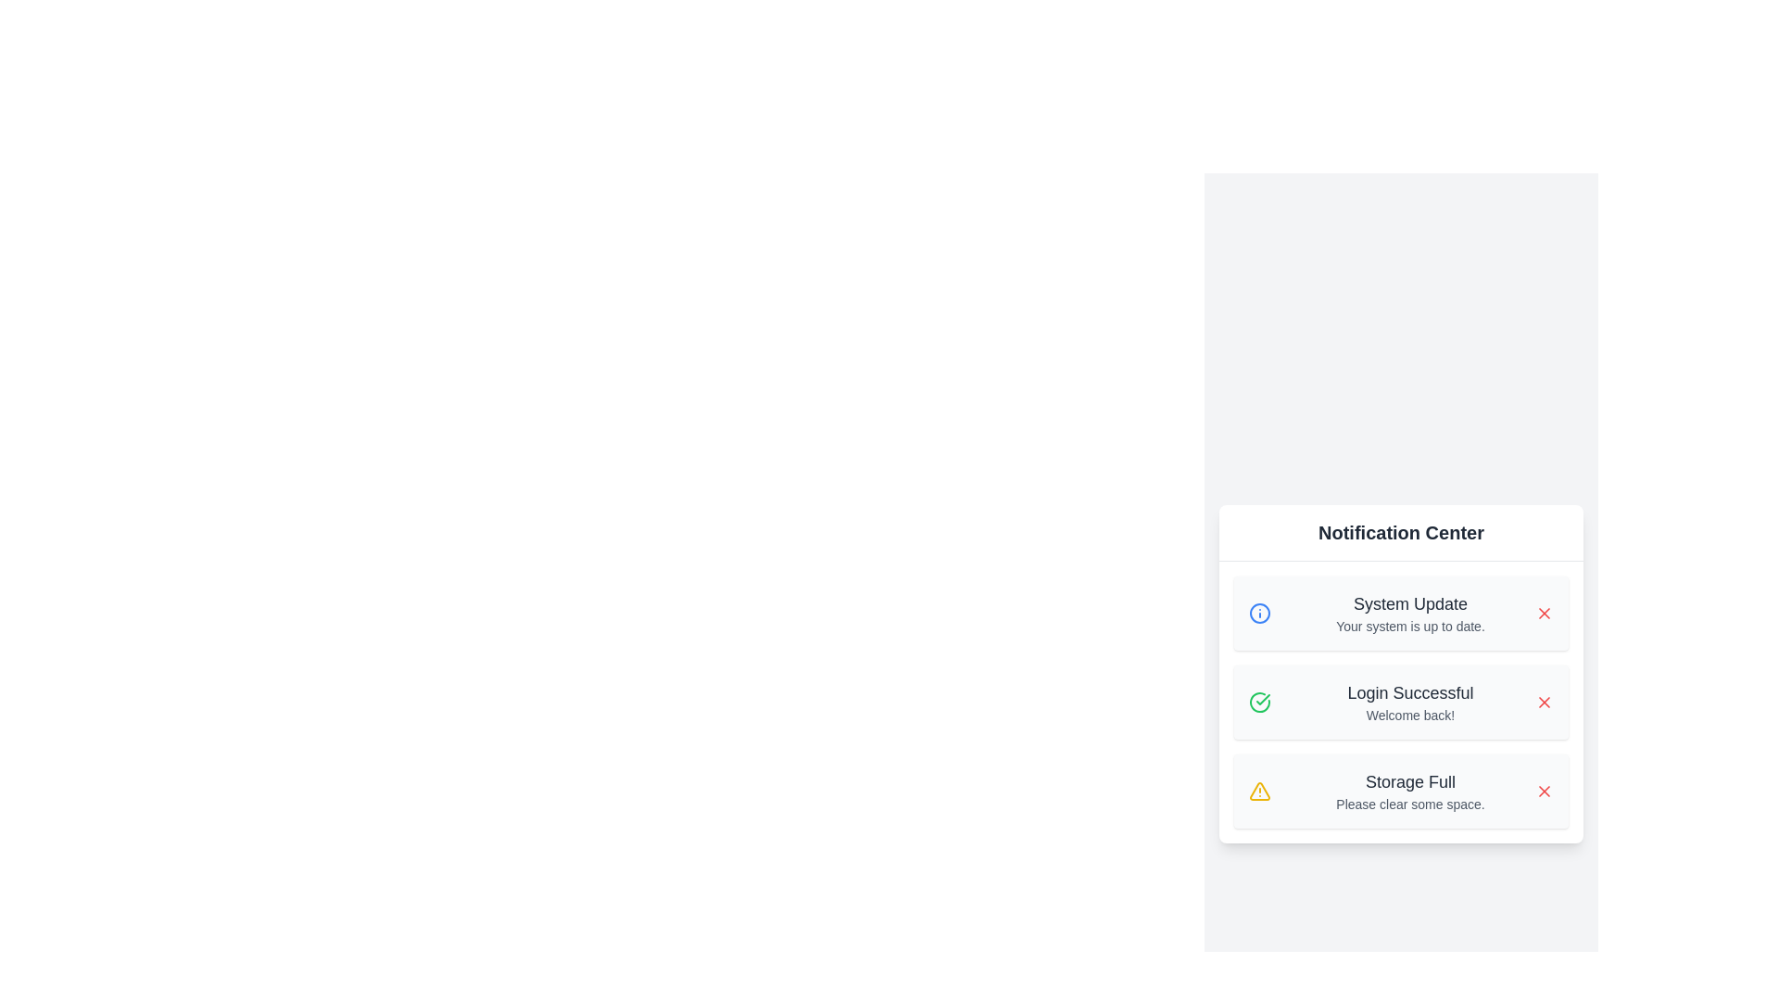  Describe the element at coordinates (1401, 702) in the screenshot. I see `the second notification card displaying a success message with a green checkmark icon, which reads 'Login Successful' and 'Welcome back!', located in the notification list` at that location.